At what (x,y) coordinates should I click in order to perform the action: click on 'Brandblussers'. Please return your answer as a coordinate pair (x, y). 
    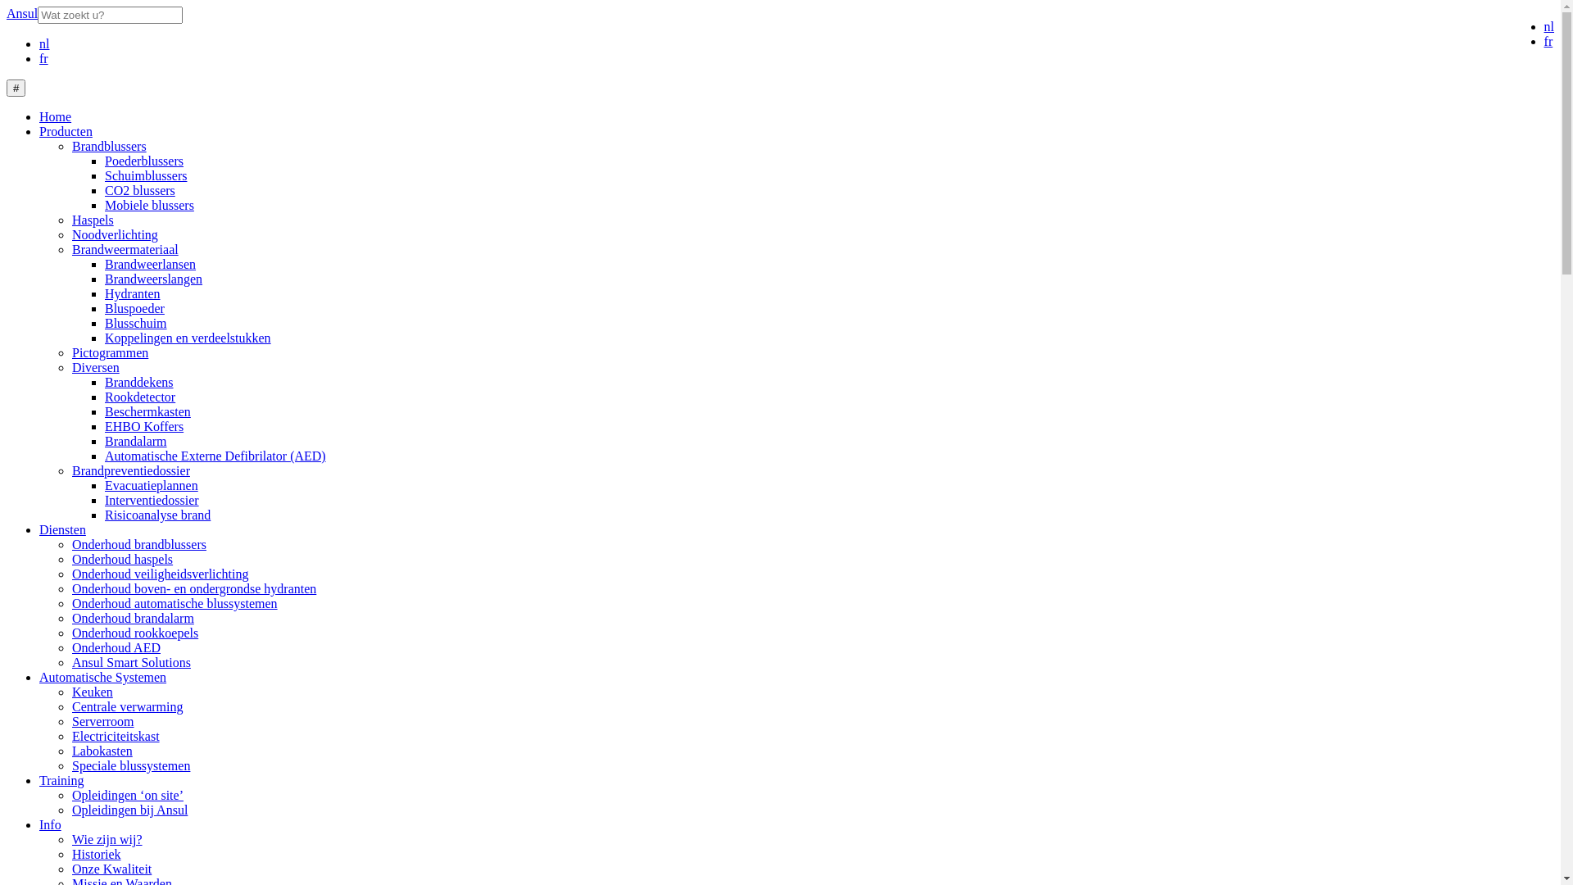
    Looking at the image, I should click on (108, 145).